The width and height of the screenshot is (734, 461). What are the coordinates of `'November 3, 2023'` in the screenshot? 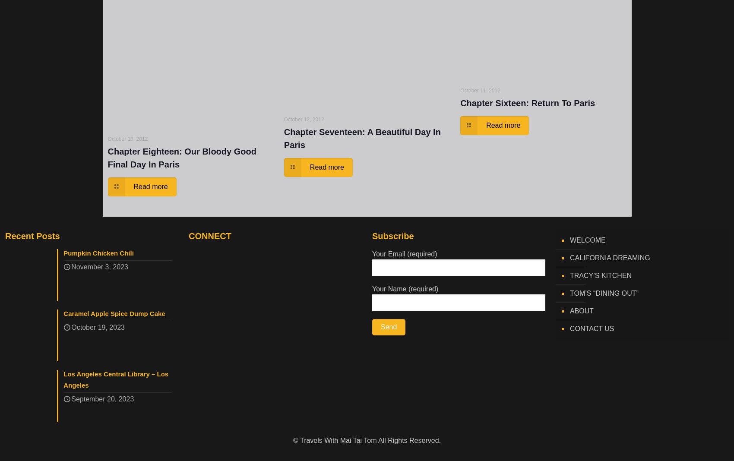 It's located at (99, 267).